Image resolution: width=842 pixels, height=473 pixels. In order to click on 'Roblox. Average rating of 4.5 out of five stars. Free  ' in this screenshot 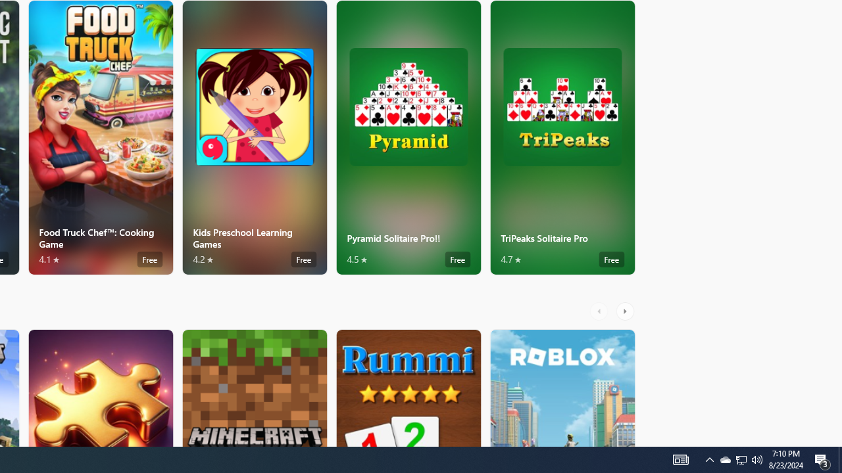, I will do `click(562, 387)`.